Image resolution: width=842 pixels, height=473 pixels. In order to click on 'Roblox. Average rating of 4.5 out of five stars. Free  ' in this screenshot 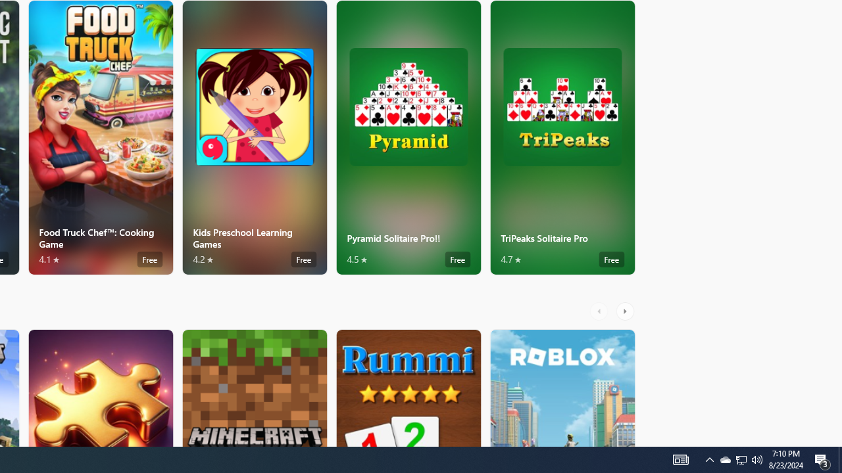, I will do `click(562, 387)`.